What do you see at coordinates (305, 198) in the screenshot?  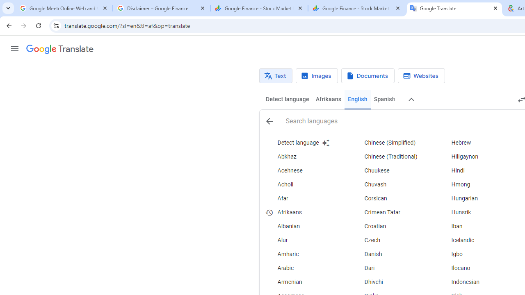 I see `'Afar'` at bounding box center [305, 198].